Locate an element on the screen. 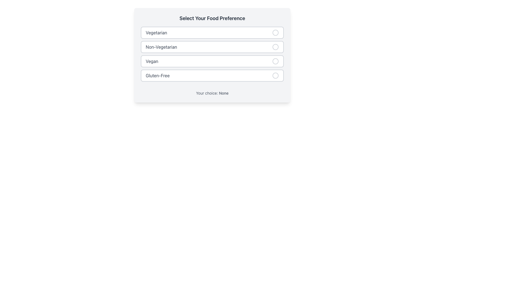 This screenshot has height=297, width=528. the Text label that displays the currently selected choice, indicated as 'None', located below the 'Gluten-Free' option and aligned with the center of the panel is located at coordinates (212, 91).